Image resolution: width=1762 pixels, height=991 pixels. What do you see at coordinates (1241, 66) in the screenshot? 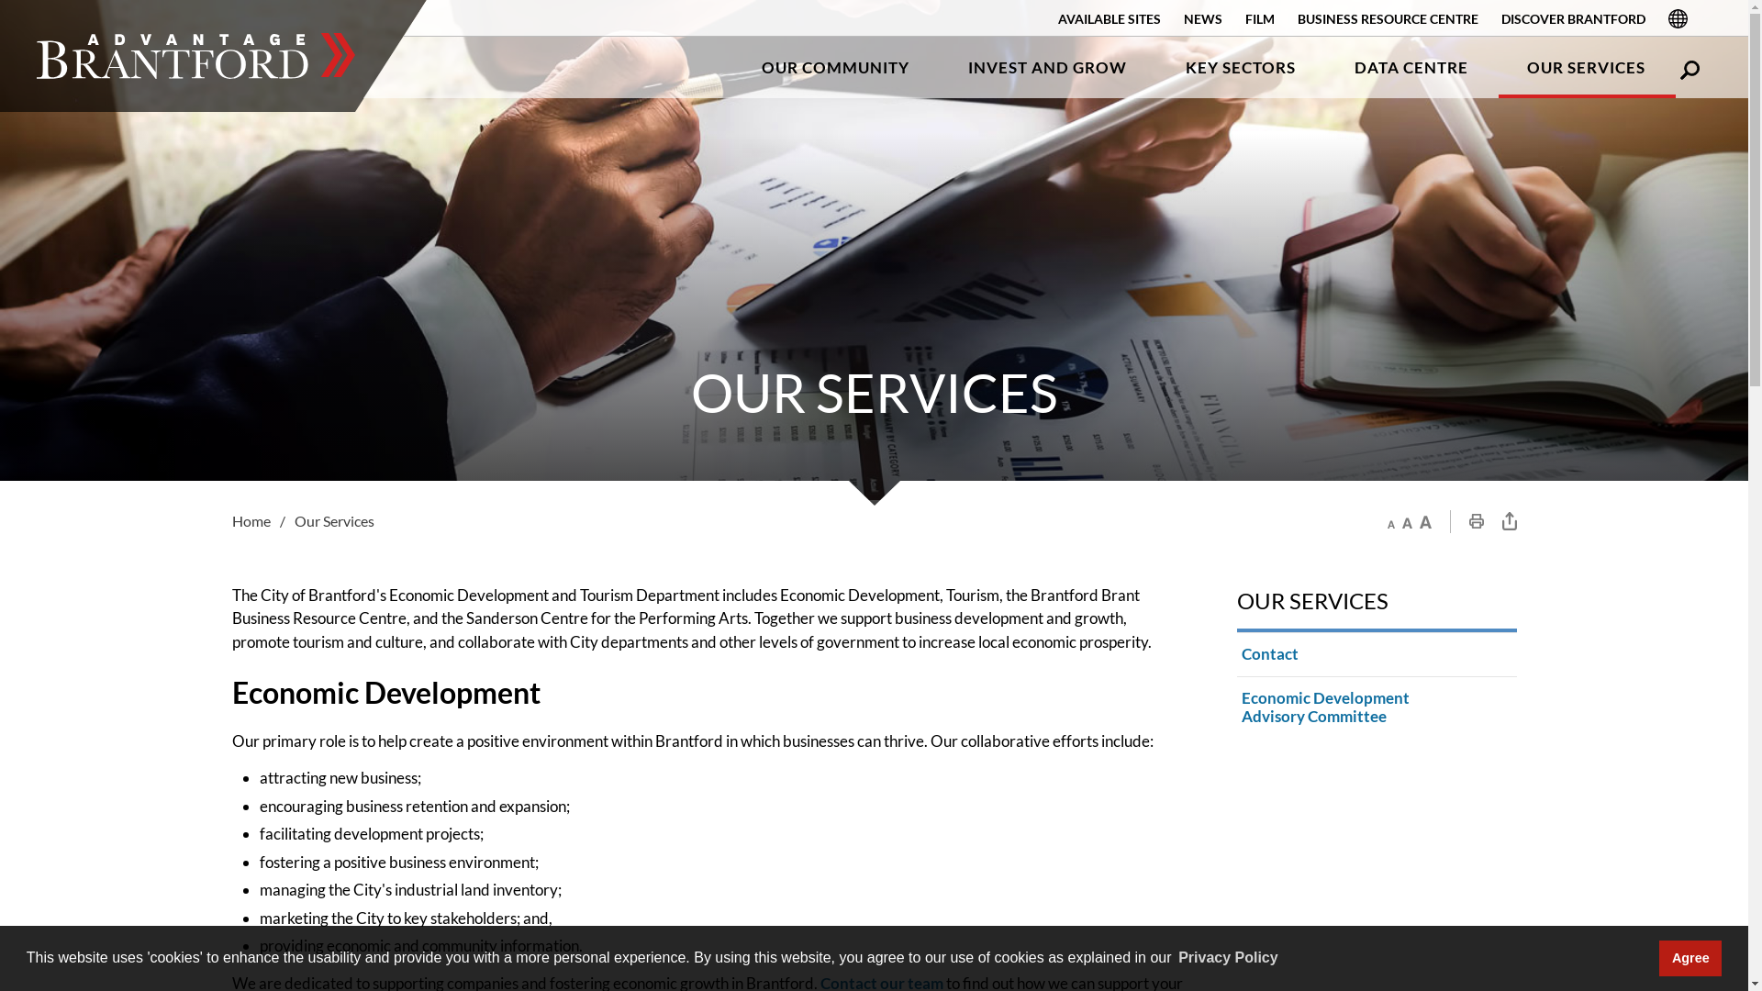
I see `'KEY SECTORS'` at bounding box center [1241, 66].